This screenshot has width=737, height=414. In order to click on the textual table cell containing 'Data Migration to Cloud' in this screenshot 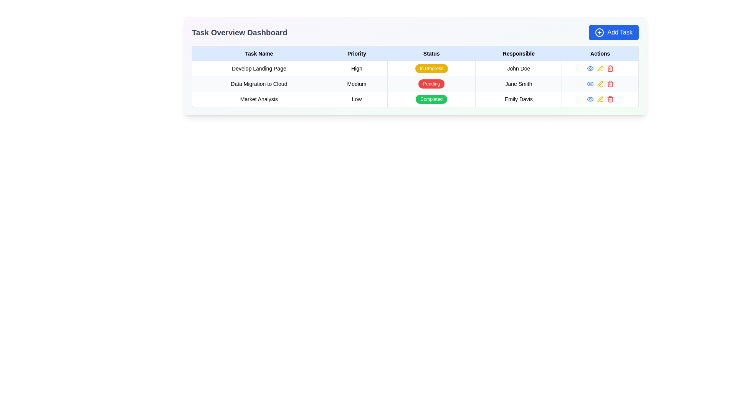, I will do `click(259, 84)`.